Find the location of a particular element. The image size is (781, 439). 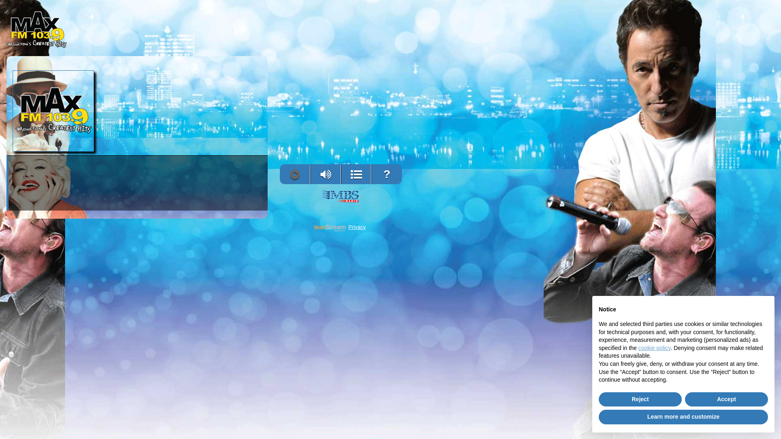

'Learn more and customize' is located at coordinates (683, 417).